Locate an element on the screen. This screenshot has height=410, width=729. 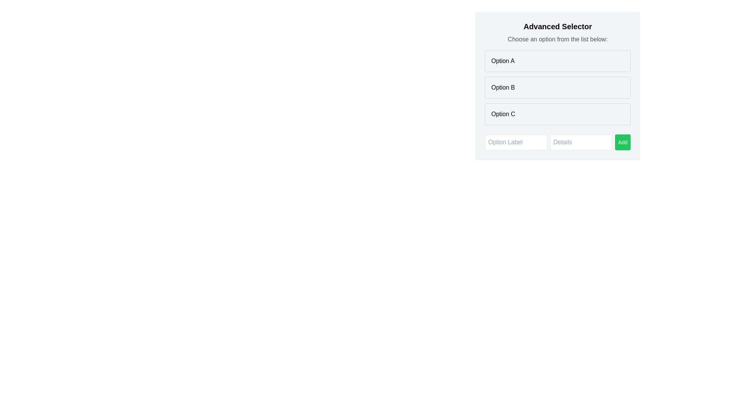
the 'Option B' button in the Advanced Selector section to change its background color is located at coordinates (557, 87).